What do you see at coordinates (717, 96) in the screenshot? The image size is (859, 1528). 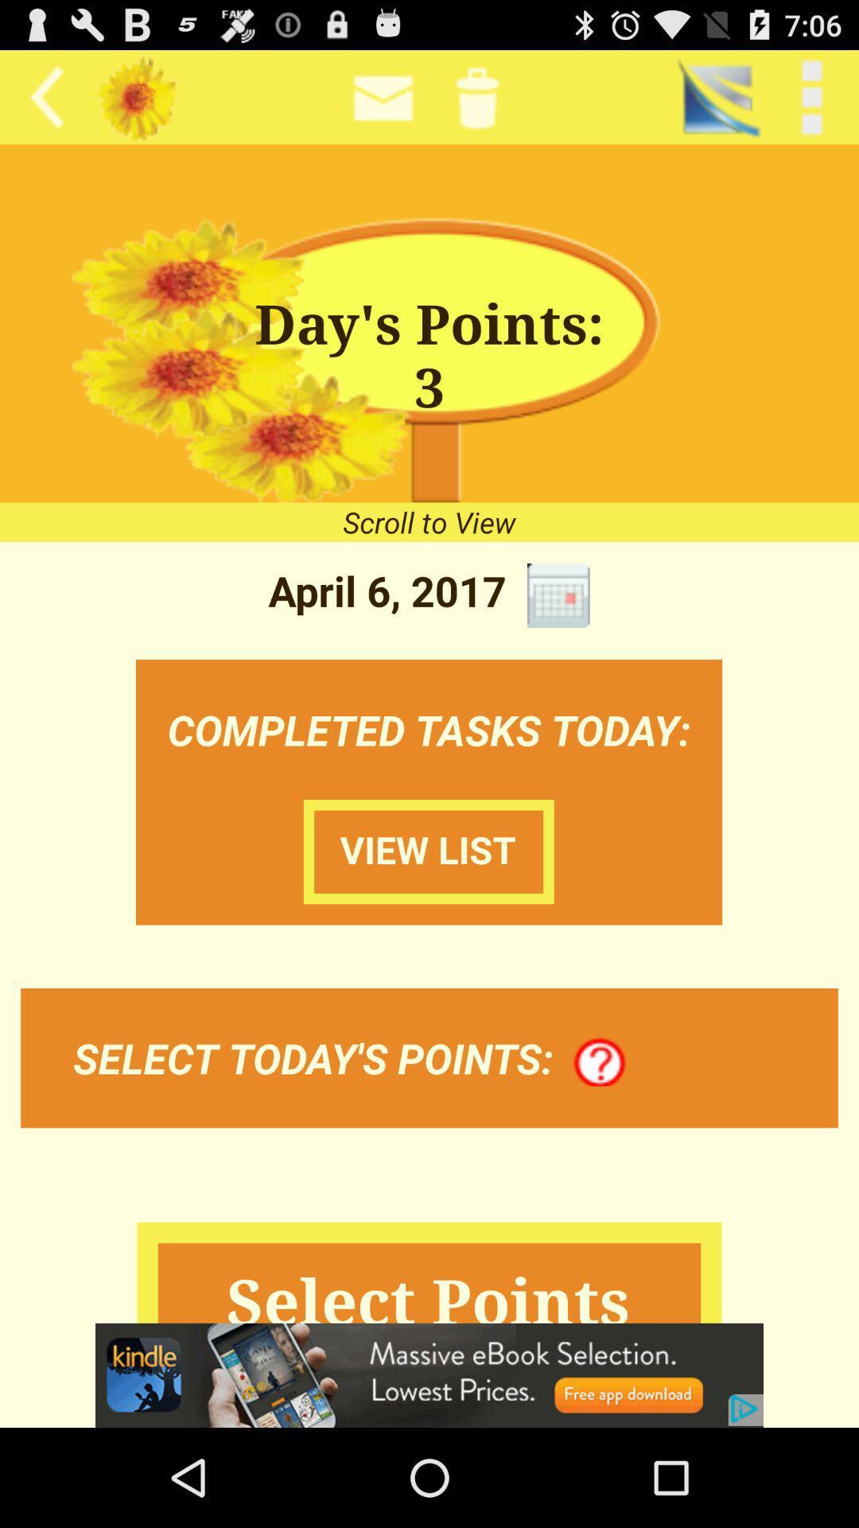 I see `the app next to < back item` at bounding box center [717, 96].